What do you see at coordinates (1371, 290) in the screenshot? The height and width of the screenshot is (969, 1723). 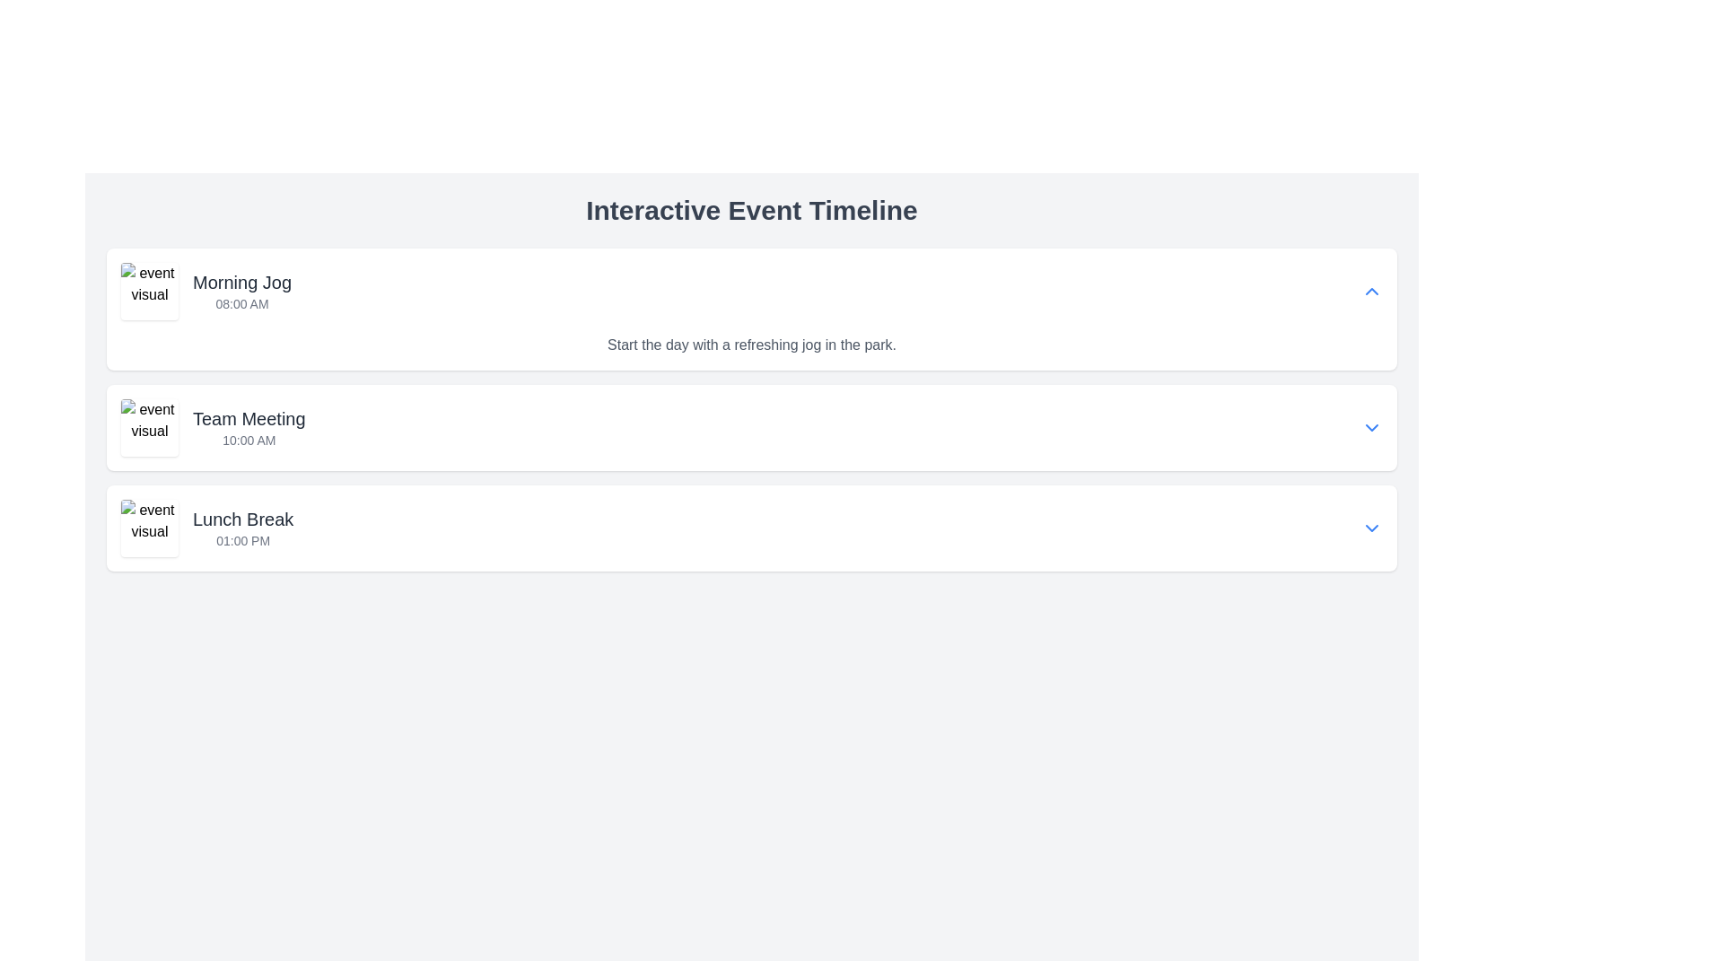 I see `the button located on the far right of the 'Morning Jog' event entry` at bounding box center [1371, 290].